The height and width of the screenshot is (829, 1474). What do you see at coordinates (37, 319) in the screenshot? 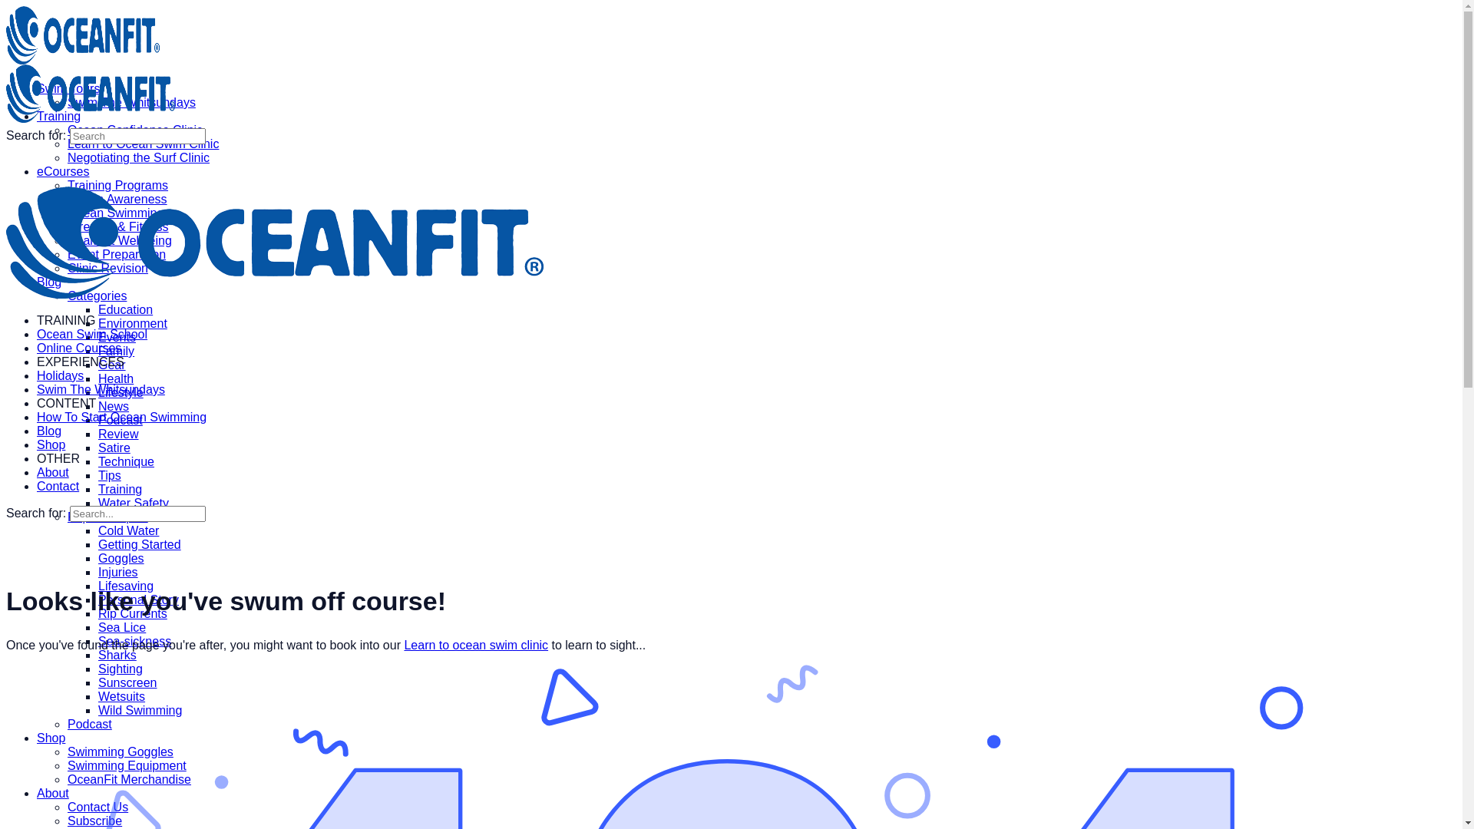
I see `'TRAINING'` at bounding box center [37, 319].